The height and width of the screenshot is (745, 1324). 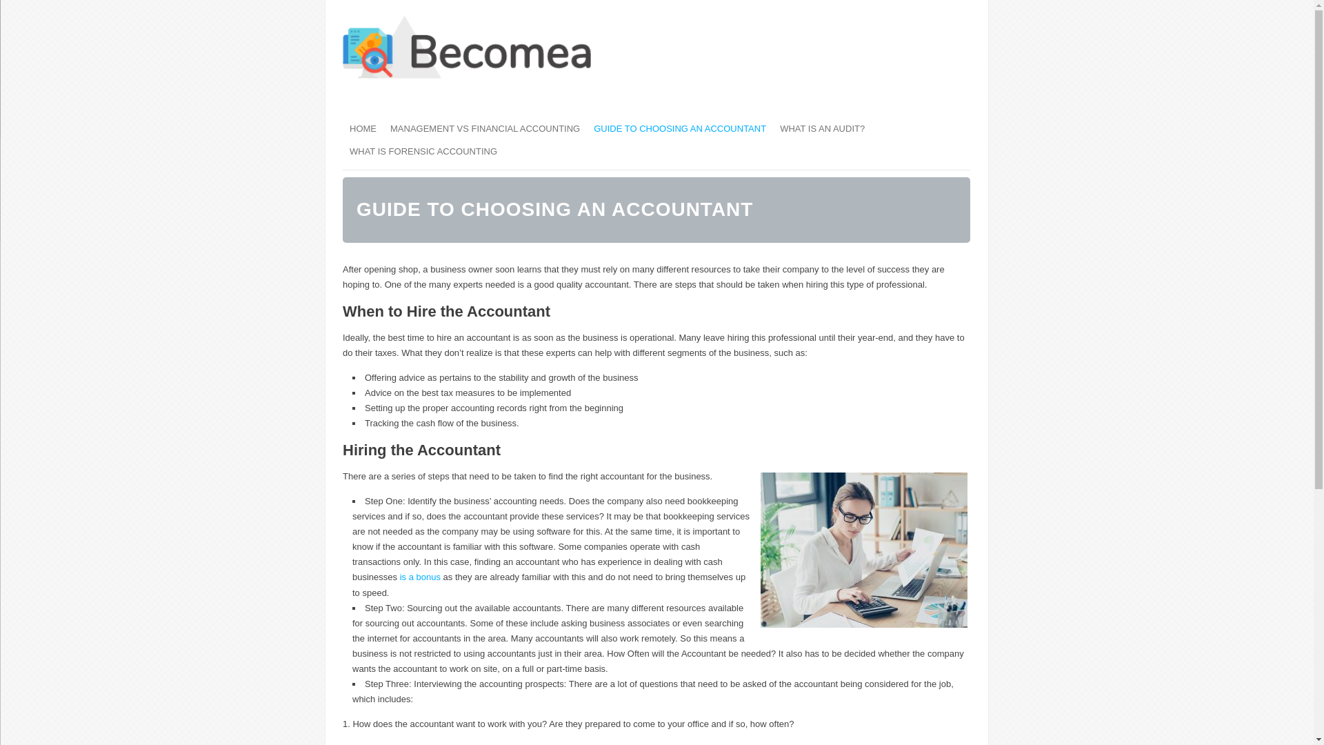 I want to click on 'WHAT IS AN AUDIT?', so click(x=773, y=128).